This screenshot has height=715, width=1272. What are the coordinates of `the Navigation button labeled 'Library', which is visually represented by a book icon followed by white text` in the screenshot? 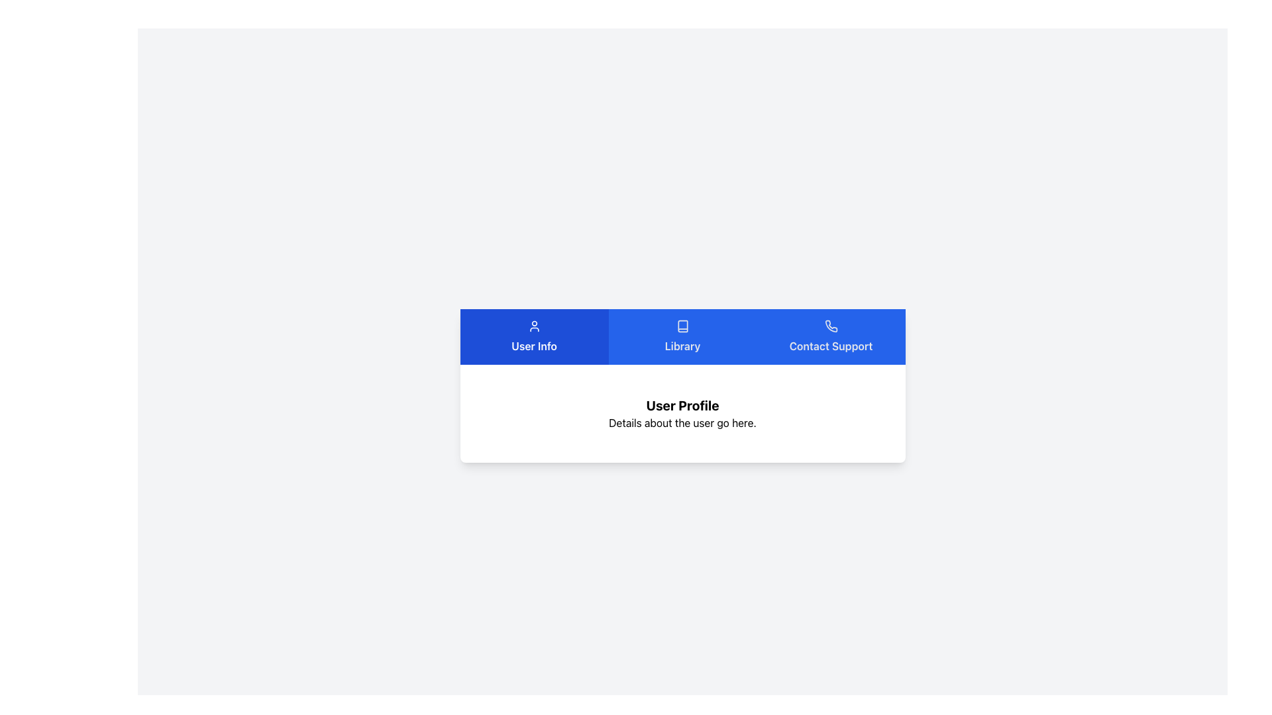 It's located at (682, 336).